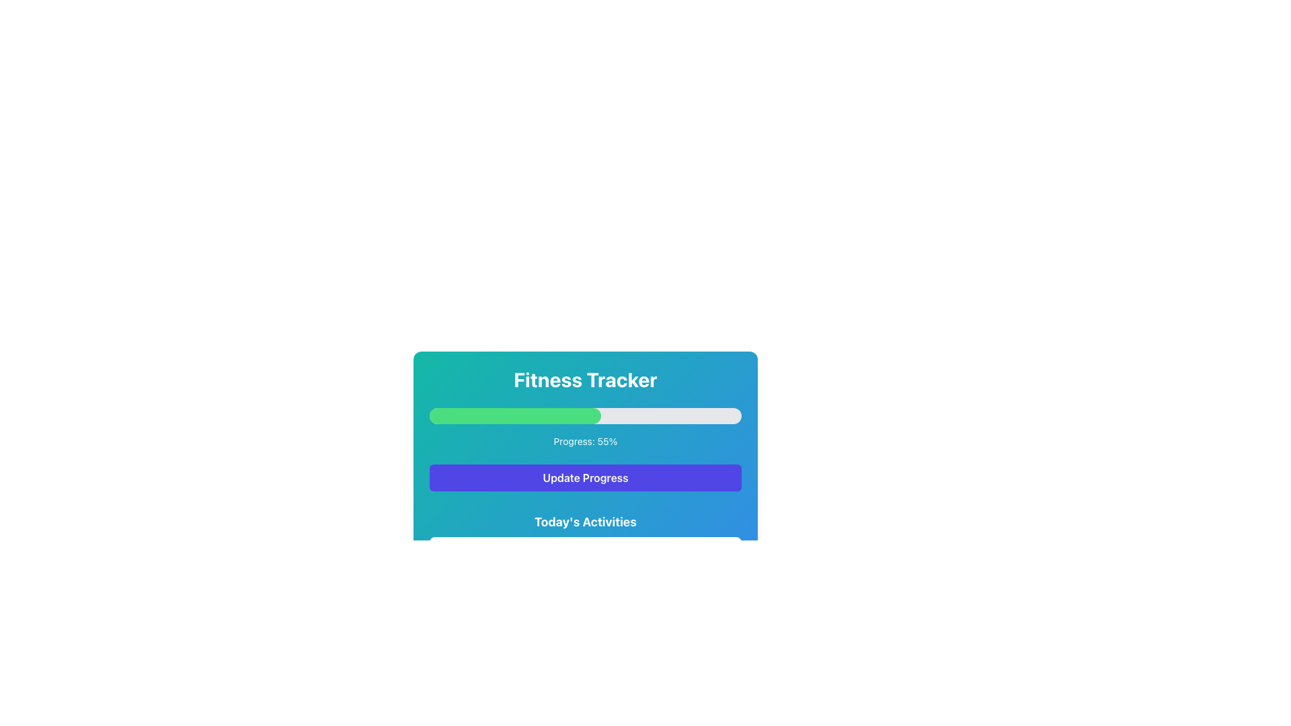 This screenshot has width=1291, height=726. What do you see at coordinates (514, 415) in the screenshot?
I see `the Progress indicator (progress bar) that is styled with rounded edges and shows a completion percentage of 55%, situated within a card titled 'Fitness Tracker'` at bounding box center [514, 415].